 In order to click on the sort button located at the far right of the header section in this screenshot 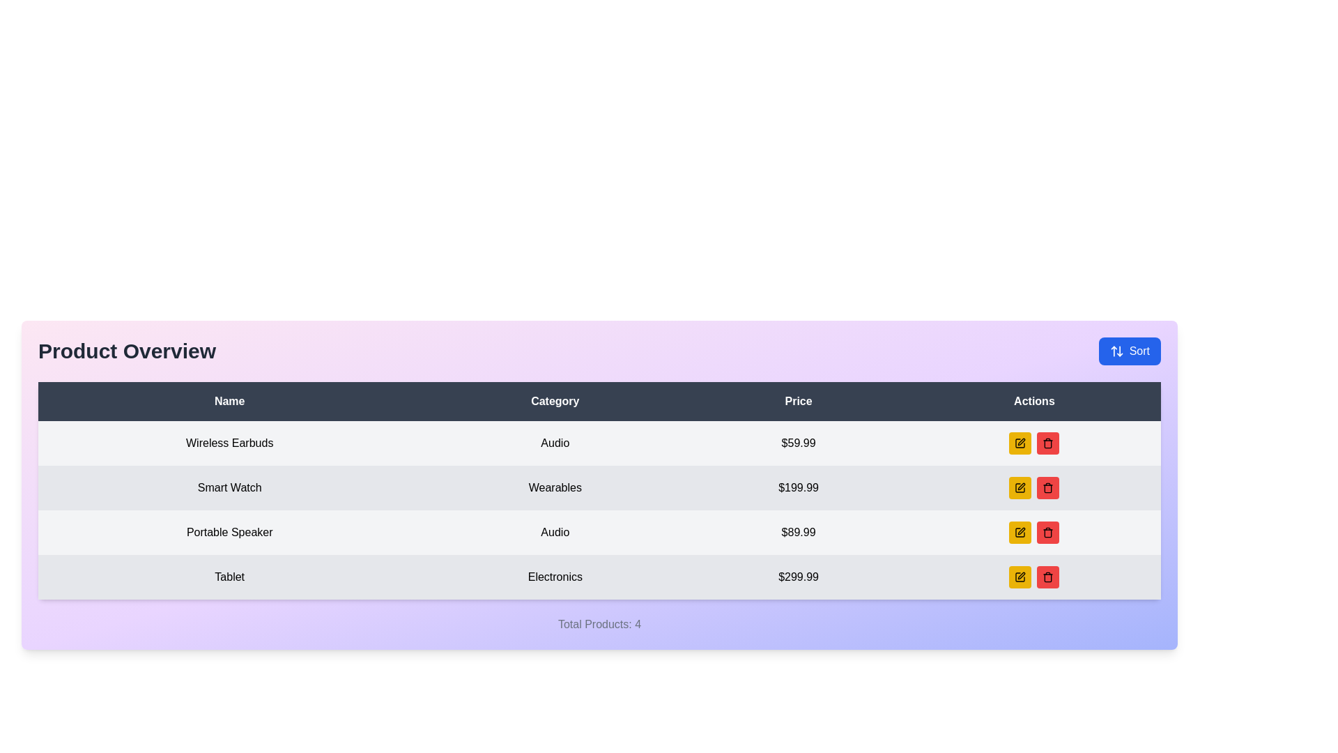, I will do `click(1130, 351)`.